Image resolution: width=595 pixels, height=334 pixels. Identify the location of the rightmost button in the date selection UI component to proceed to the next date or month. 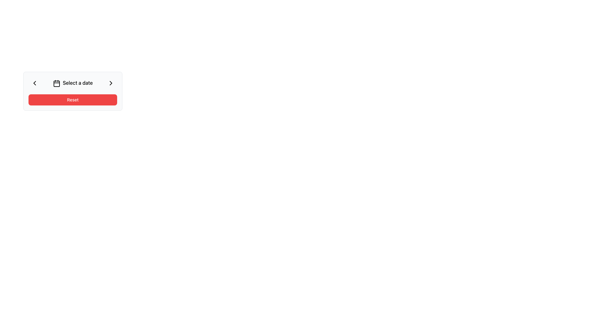
(111, 83).